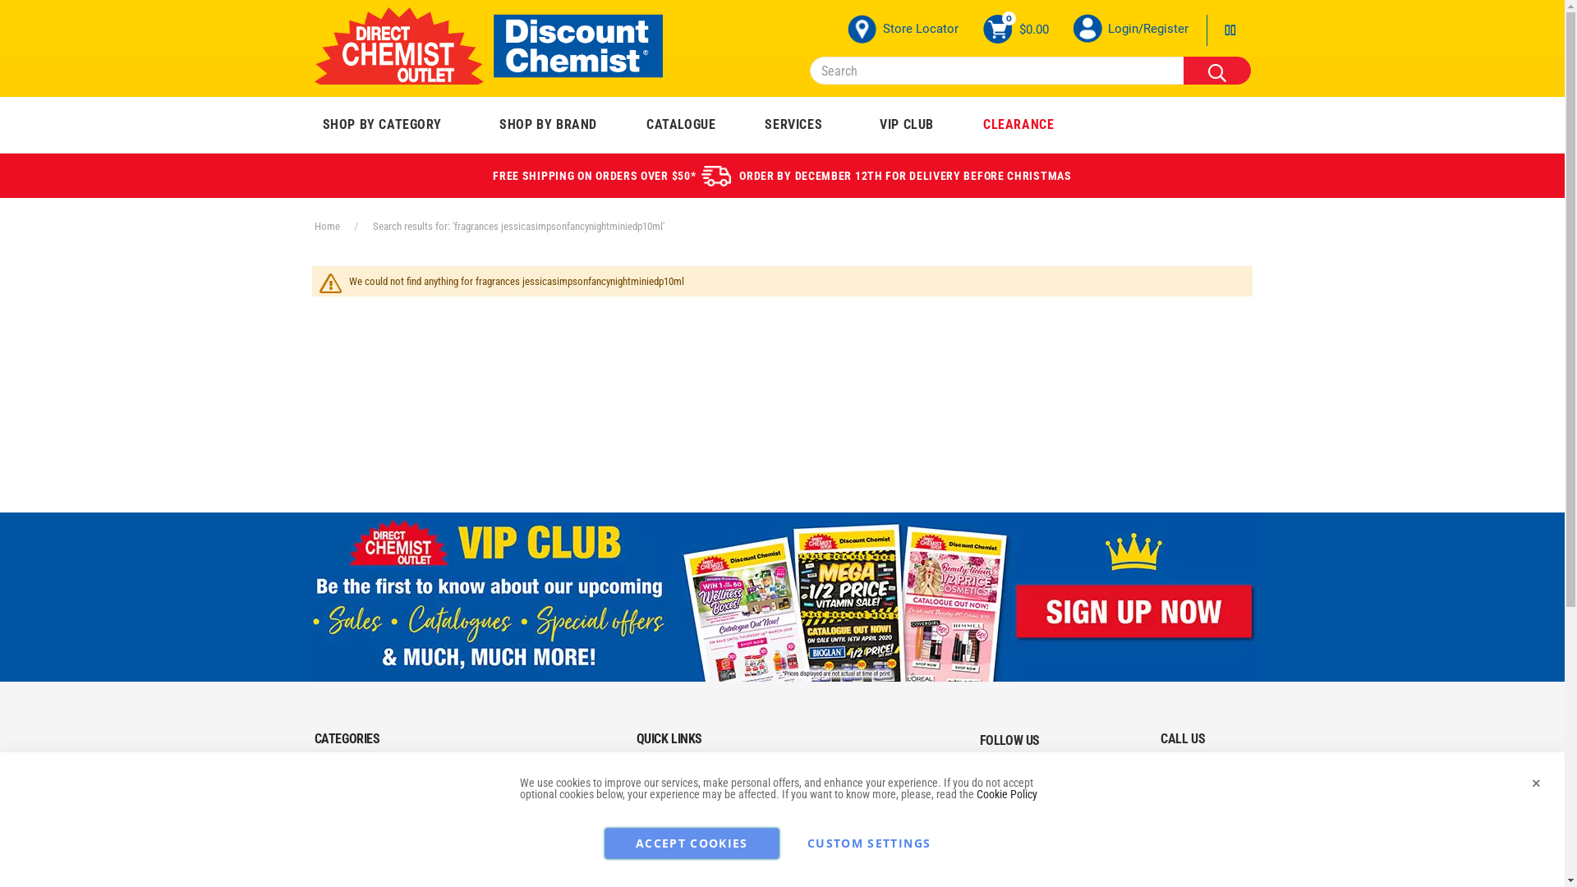 The height and width of the screenshot is (887, 1577). I want to click on 'Home', so click(314, 226).